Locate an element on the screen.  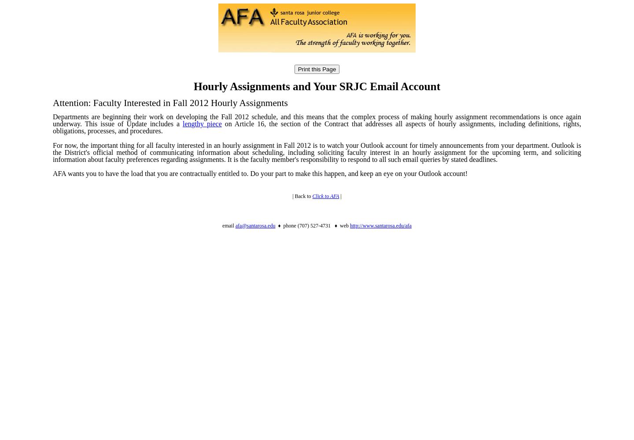
'http://www.santarosa.edu/afa' is located at coordinates (380, 225).